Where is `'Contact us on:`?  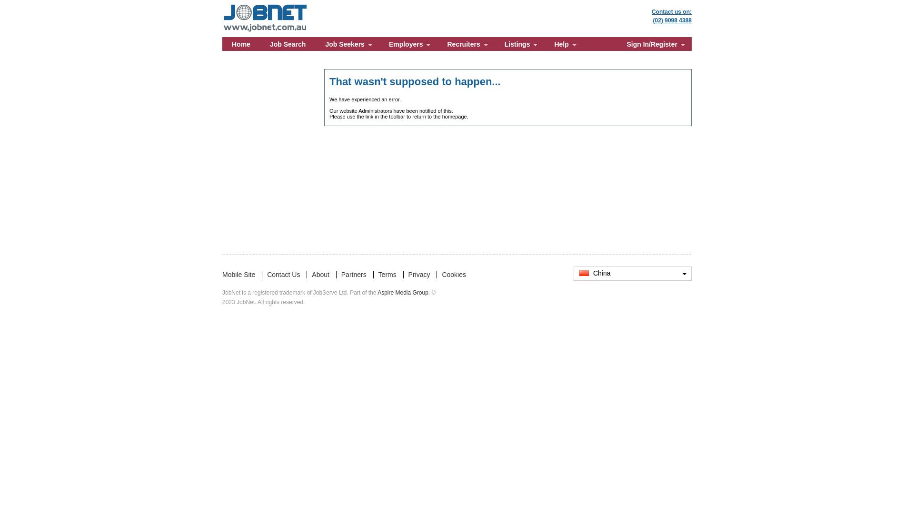
'Contact us on: is located at coordinates (651, 16).